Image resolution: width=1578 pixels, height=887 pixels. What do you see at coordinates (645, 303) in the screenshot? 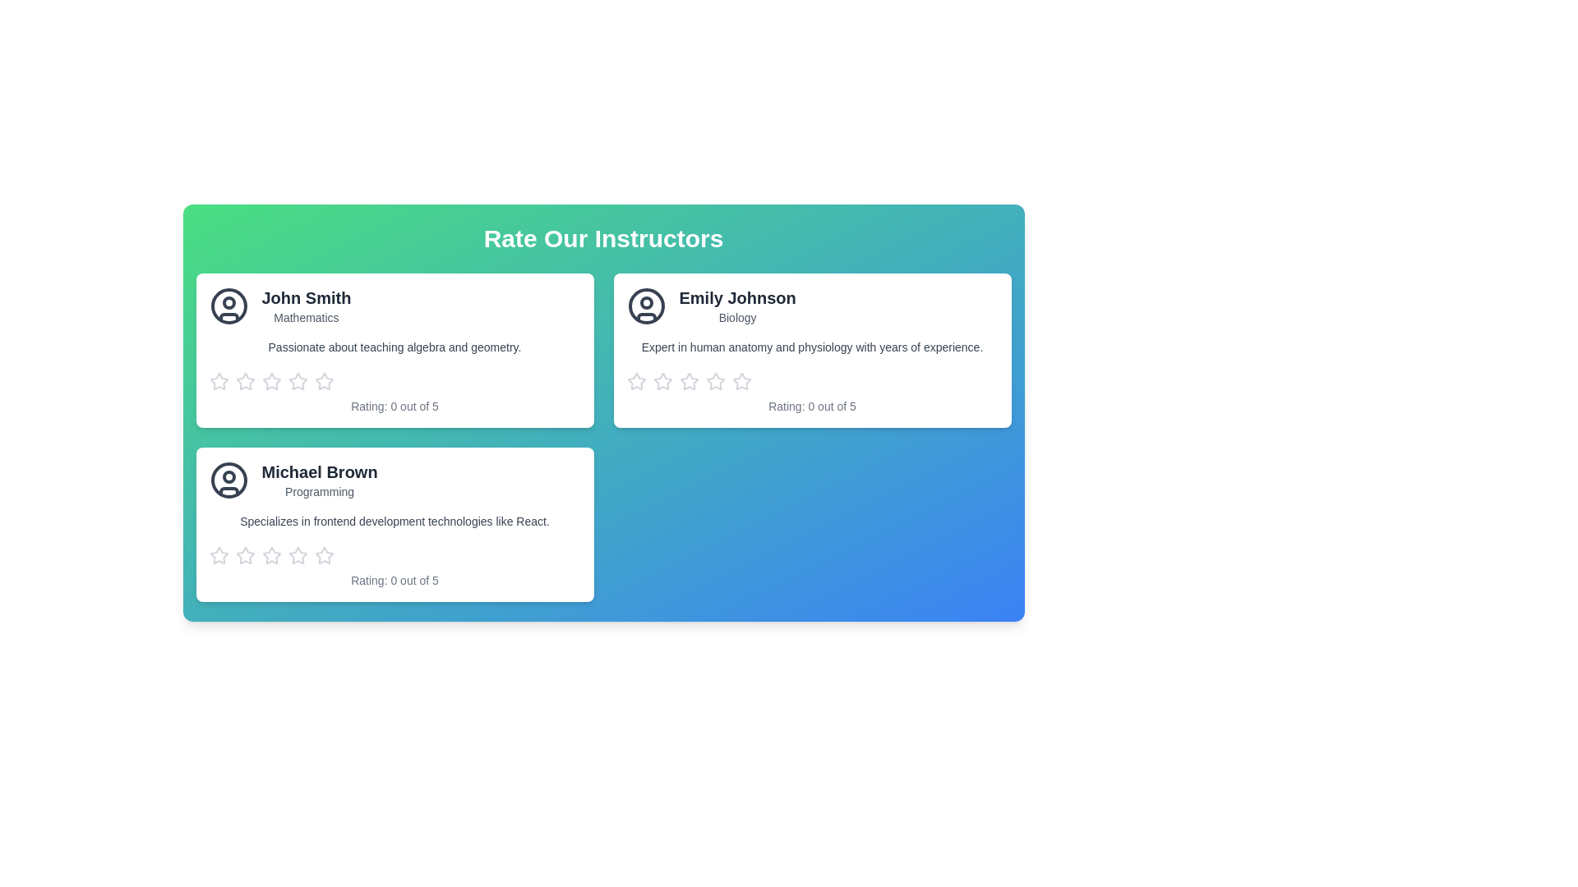
I see `the small circle graphical feature located within the avatar icon adjacent to 'Emily Johnson' in the 'Rate Our Instructors' section` at bounding box center [645, 303].